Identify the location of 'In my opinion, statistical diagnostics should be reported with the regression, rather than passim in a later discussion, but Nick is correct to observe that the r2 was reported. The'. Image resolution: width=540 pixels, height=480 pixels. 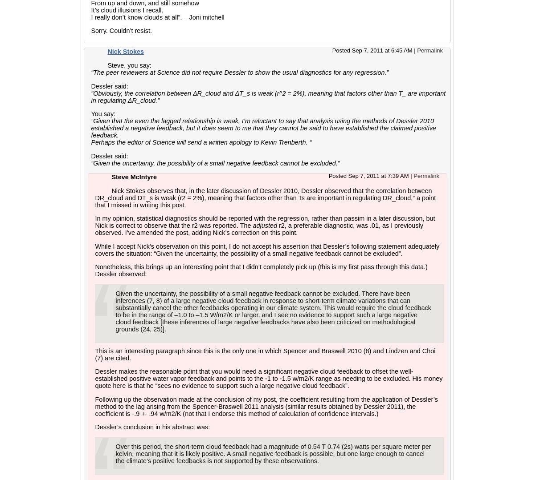
(94, 222).